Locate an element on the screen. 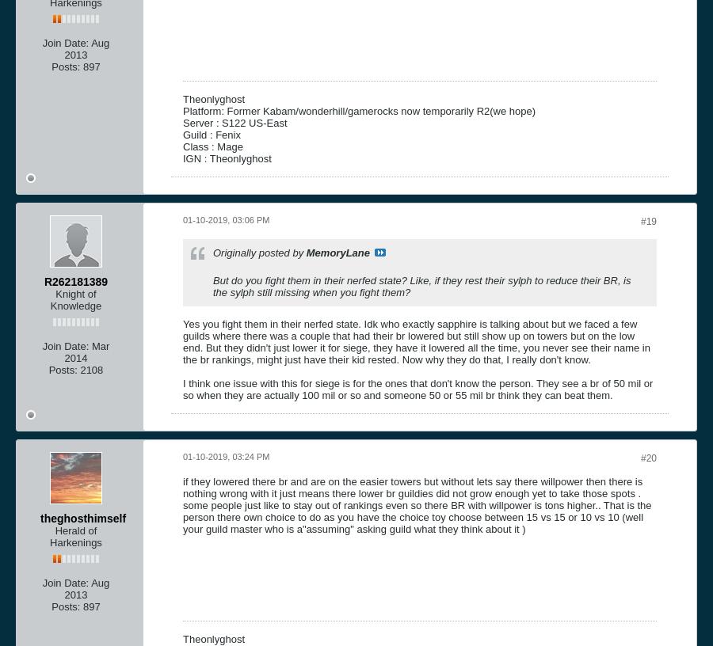 Image resolution: width=713 pixels, height=646 pixels. 'Yes you fight them in their nerfed state.  Idk who exactly sapphire is talking about but we faced a few guilds where there was a couple that had their br lowered but still show up on towers but on the low end.  But they didn't just lower it for siege, they have it lowered all the time, you never see their name in the br rankings, might just have their kid rested.  Now why they do that, I really don't know.' is located at coordinates (415, 340).